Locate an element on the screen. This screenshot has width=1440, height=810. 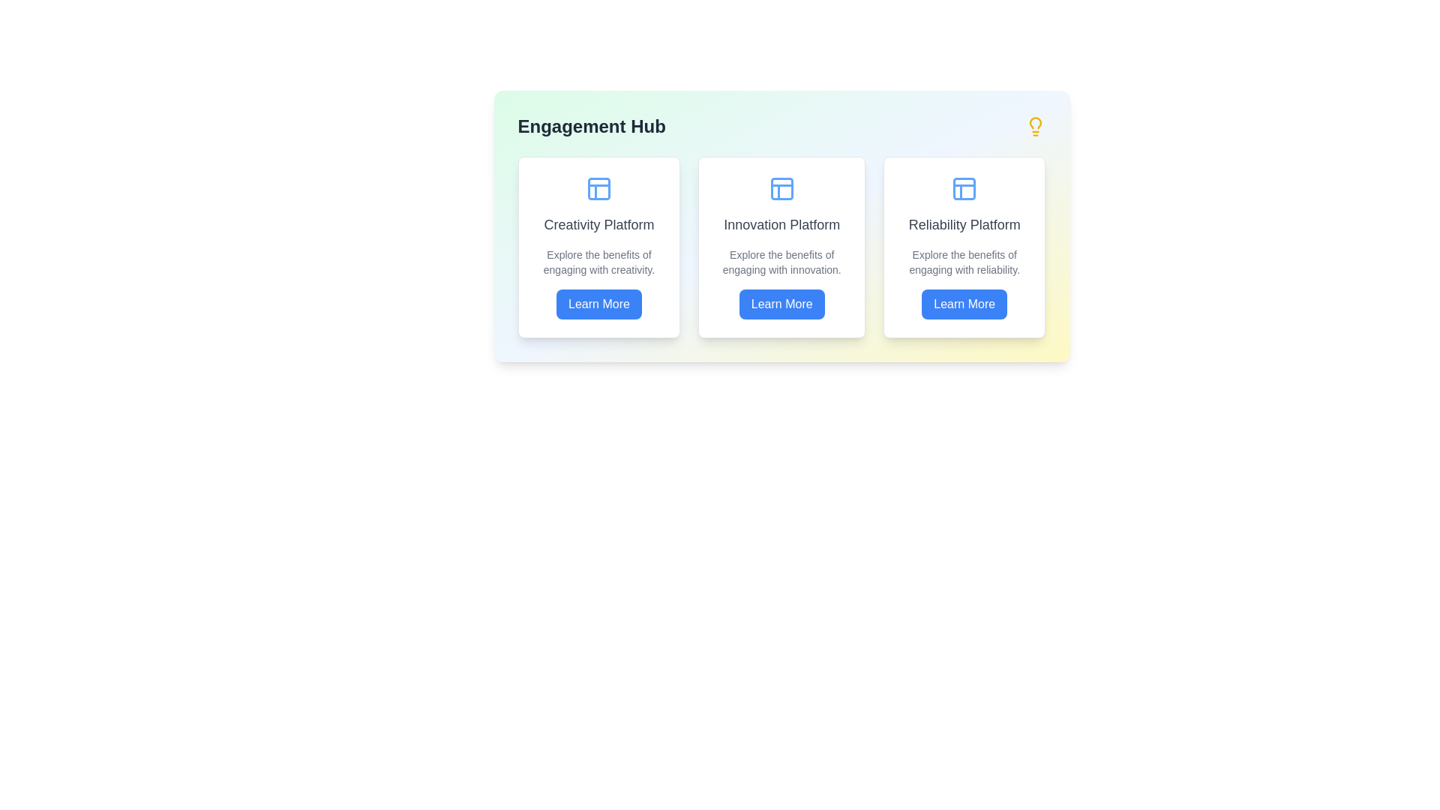
the 'Learn More' button, which is a rectangular button with a blue background and white text located at the bottom of the 'Innovation Platform' card is located at coordinates (781, 304).